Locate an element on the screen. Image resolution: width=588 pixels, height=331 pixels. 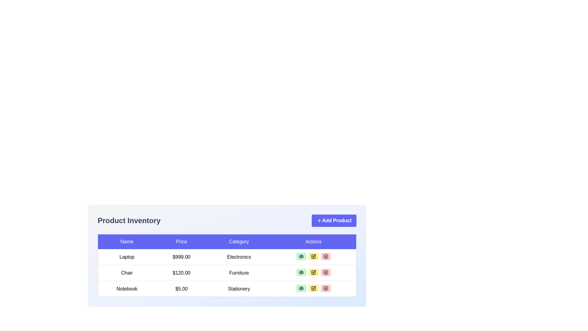
the Text label that identifies the category of the product in the first row of the 'Product Inventory' table, located in the third column is located at coordinates (239, 257).